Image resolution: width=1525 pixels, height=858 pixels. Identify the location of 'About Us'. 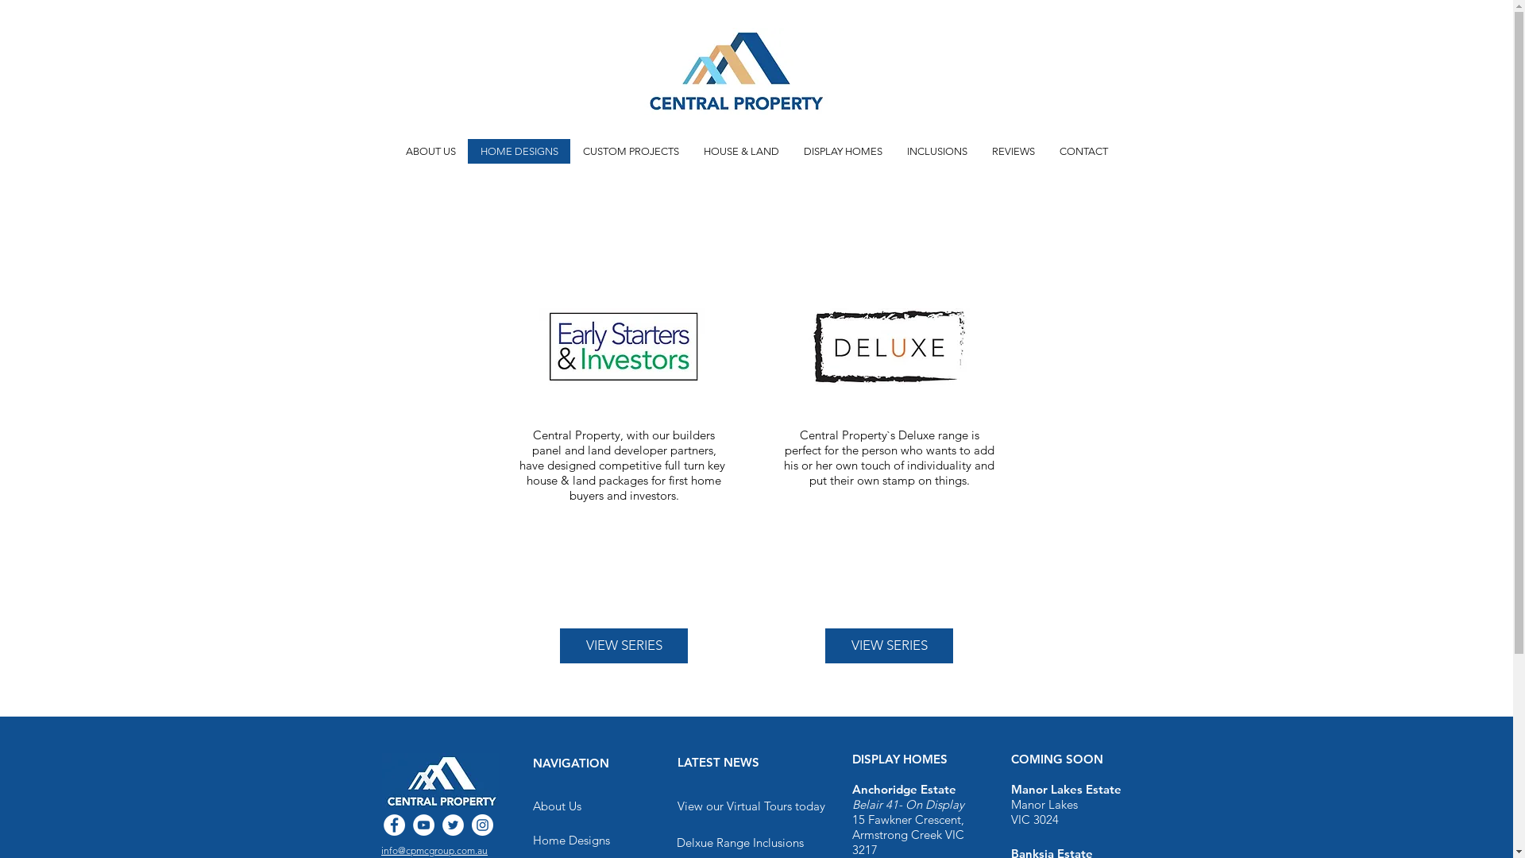
(556, 806).